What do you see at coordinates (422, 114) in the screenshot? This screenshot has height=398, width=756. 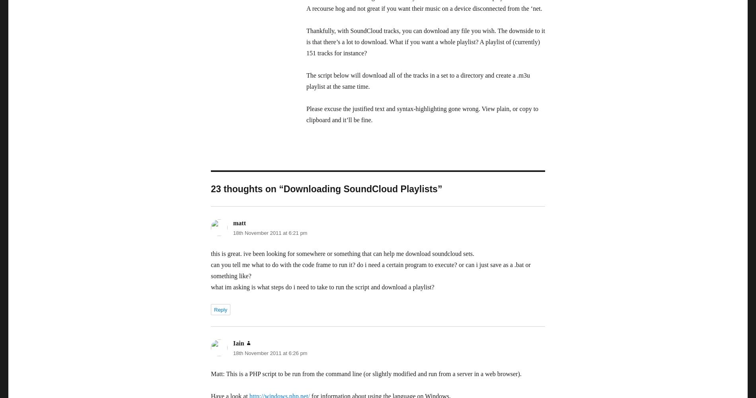 I see `'Please excuse the justified text and syntax-highlighting gone wrong. View plain, or copy to clipboard and it’ll be fine.'` at bounding box center [422, 114].